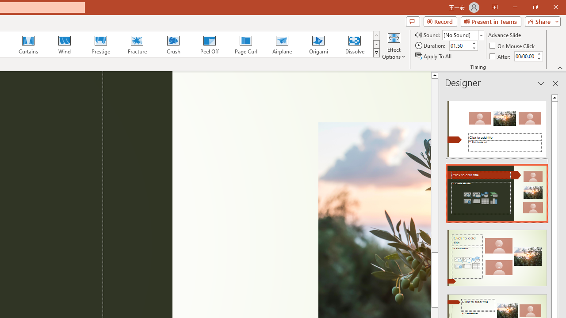  I want to click on 'Airplane', so click(281, 44).